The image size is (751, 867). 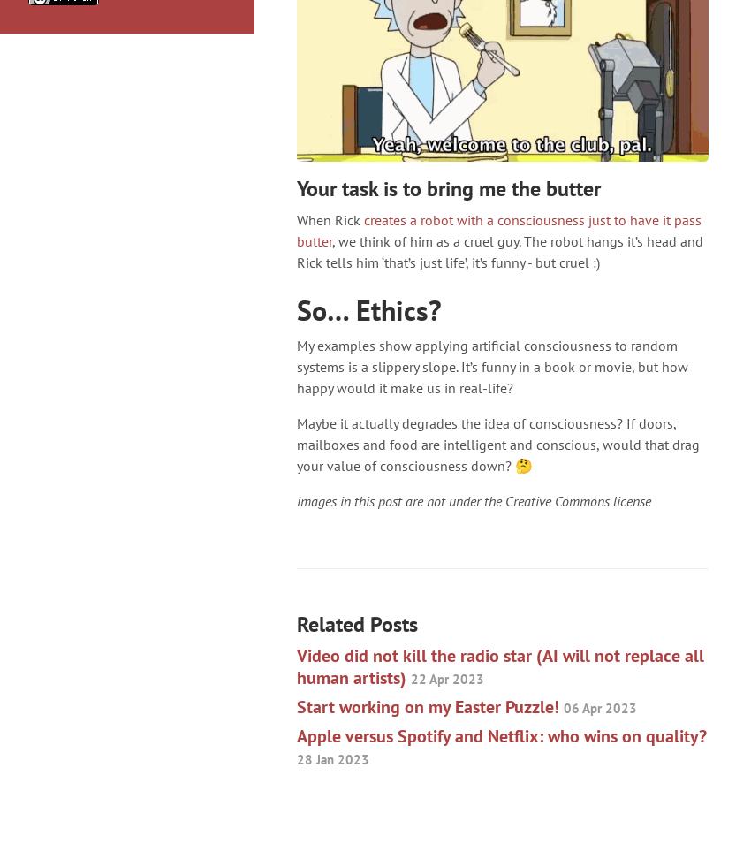 What do you see at coordinates (473, 500) in the screenshot?
I see `'images in this post are not under the Creative Commons license'` at bounding box center [473, 500].